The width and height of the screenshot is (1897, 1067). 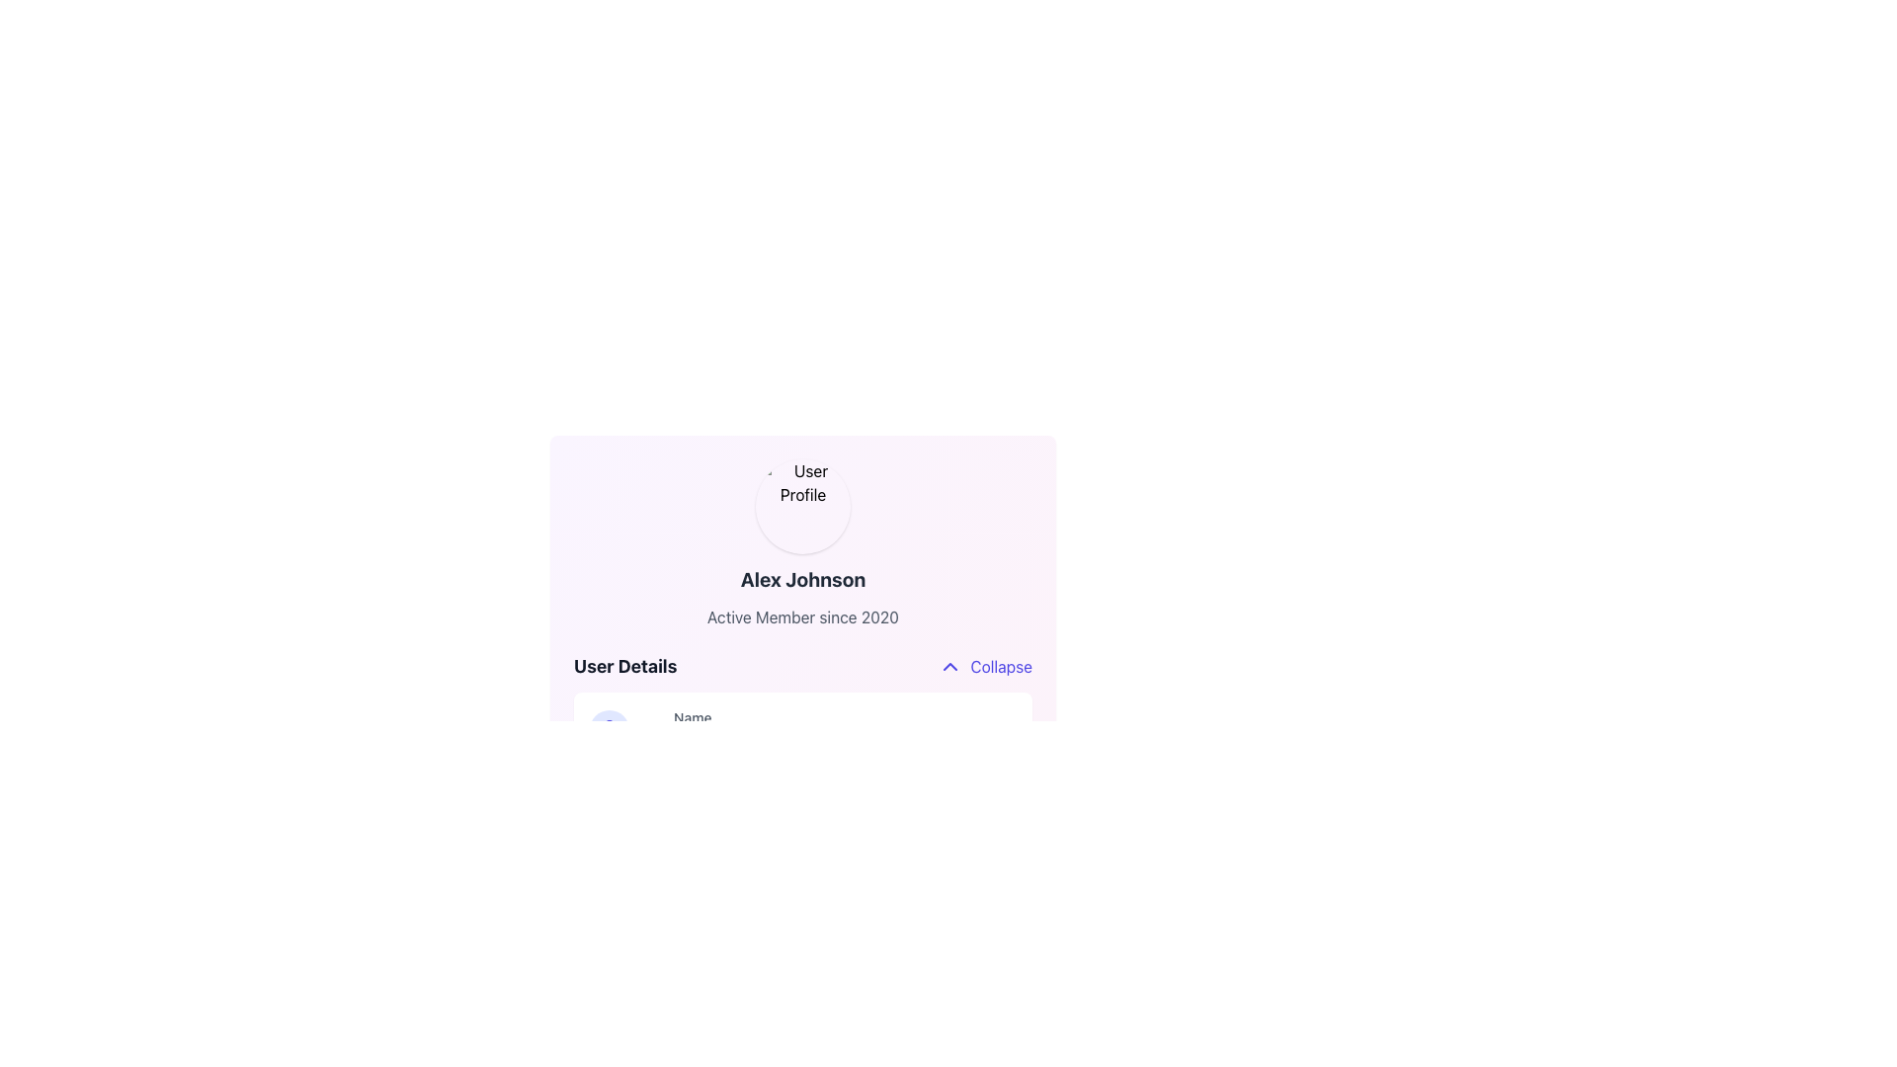 What do you see at coordinates (950, 667) in the screenshot?
I see `the collapse icon located to the left of the 'Collapse' label in the bottom-right section of the card-like structure` at bounding box center [950, 667].